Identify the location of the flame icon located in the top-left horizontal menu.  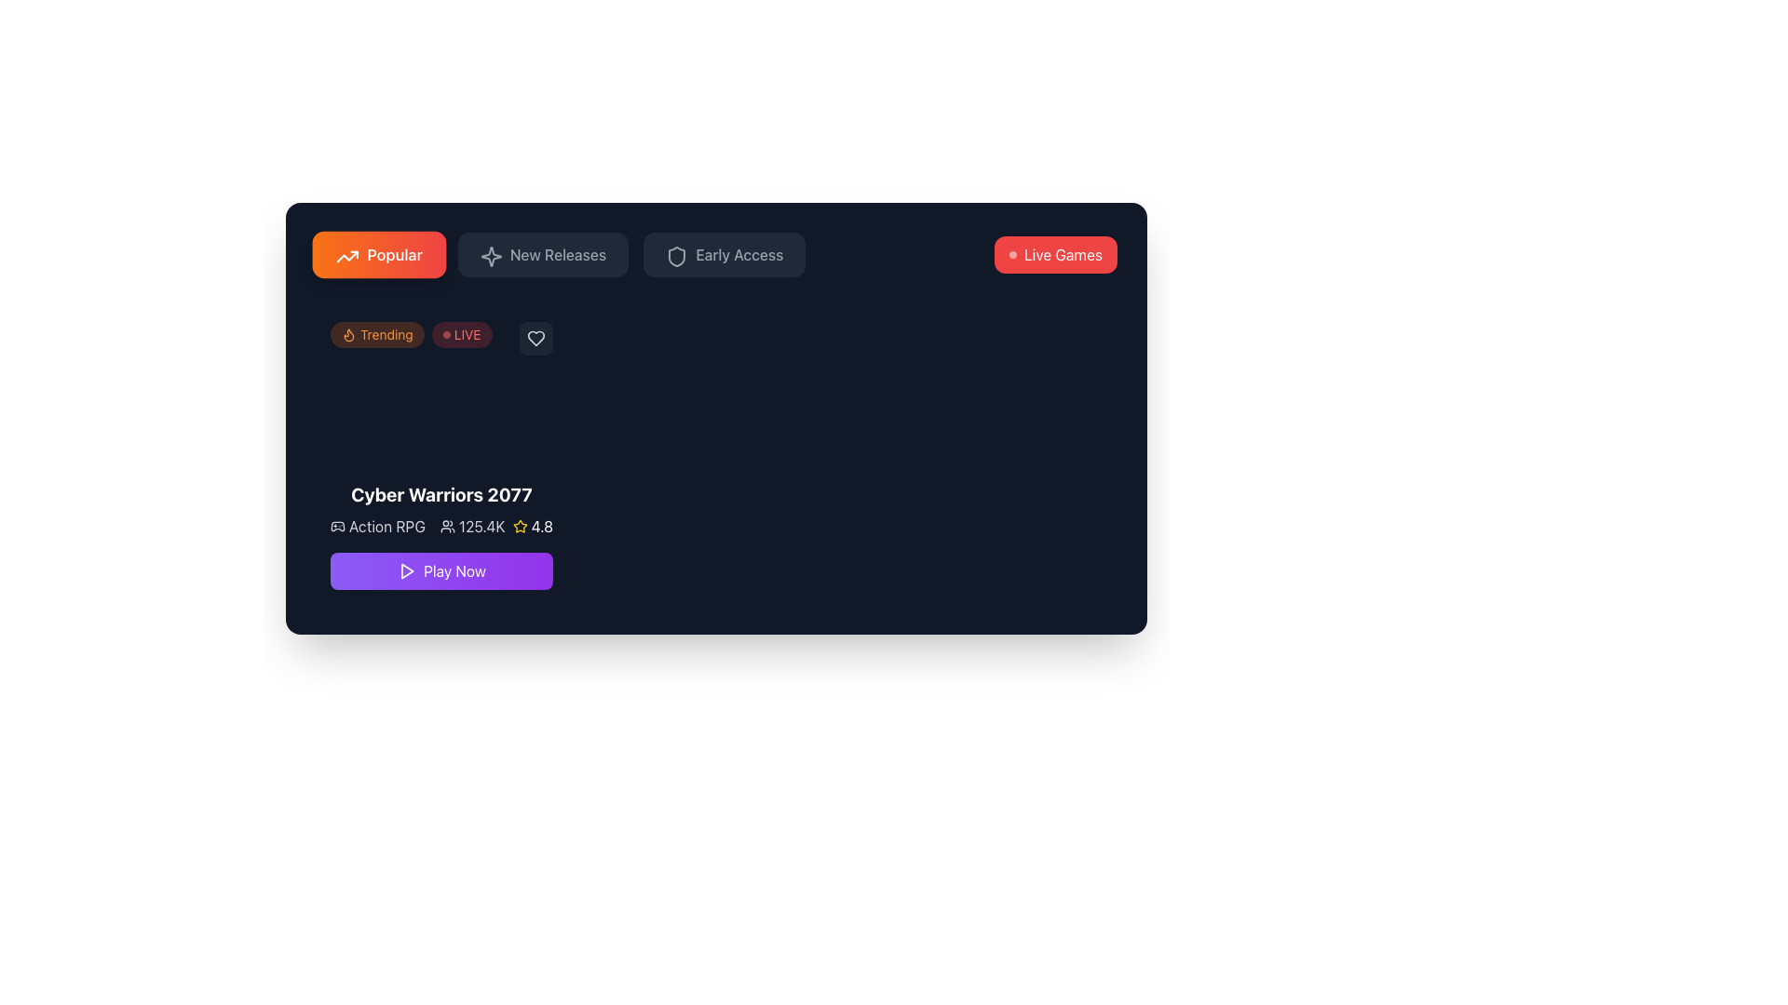
(348, 333).